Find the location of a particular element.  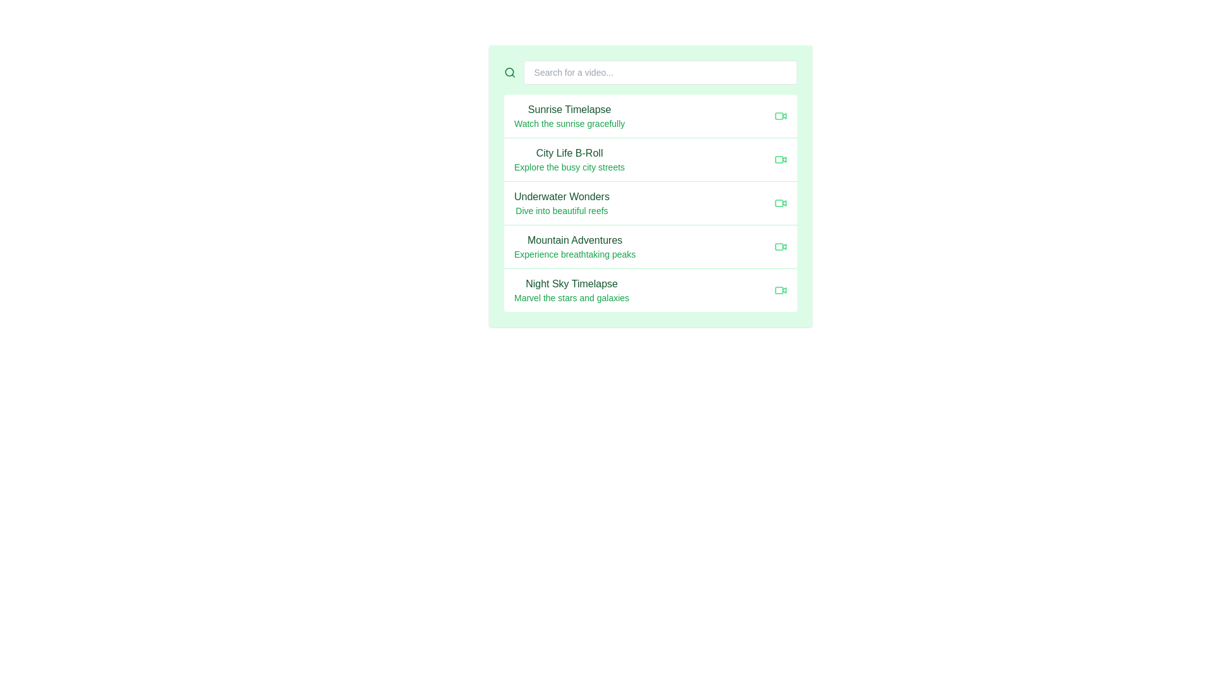

the video camera icon indicating the 'Sunrise Timelapse' video content is located at coordinates (780, 116).